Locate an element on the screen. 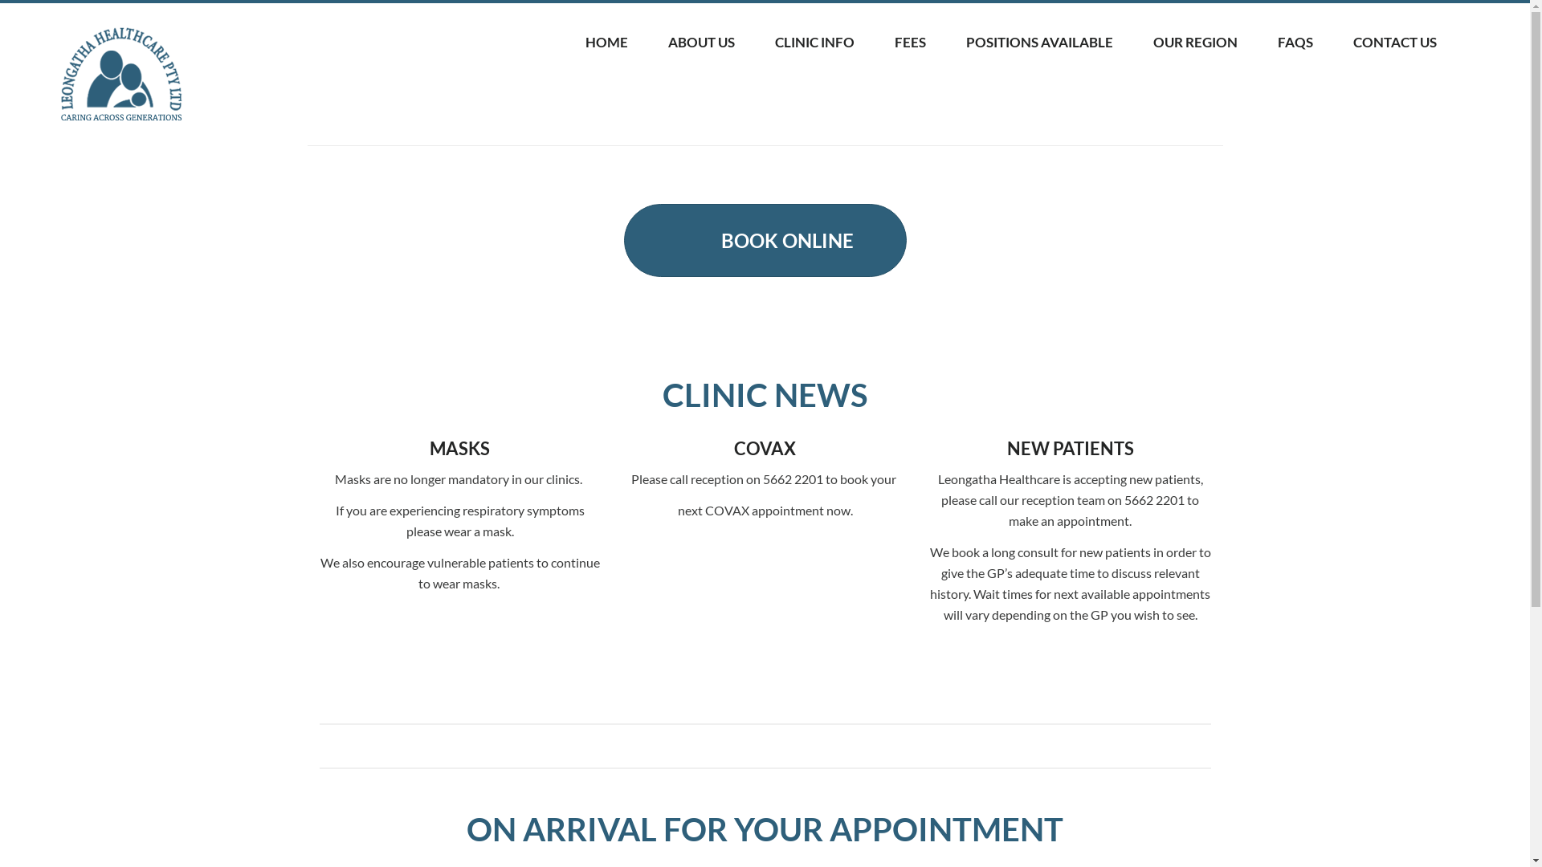 The width and height of the screenshot is (1542, 867). 'CONTACT US' is located at coordinates (1394, 42).